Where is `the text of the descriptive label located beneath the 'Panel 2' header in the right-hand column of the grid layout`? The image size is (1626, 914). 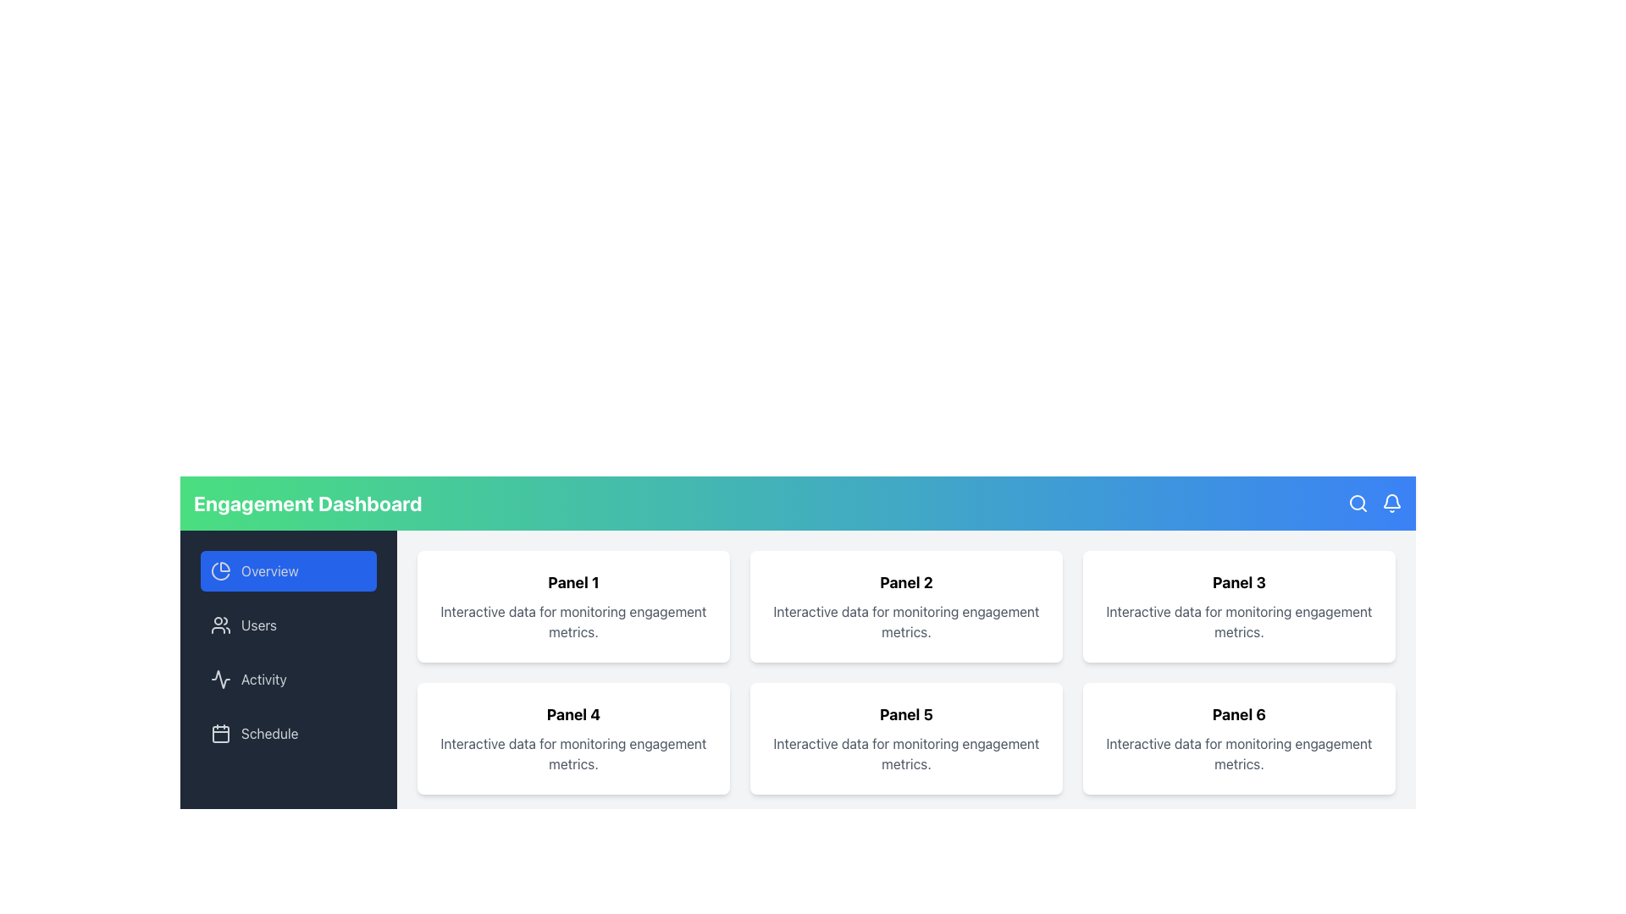 the text of the descriptive label located beneath the 'Panel 2' header in the right-hand column of the grid layout is located at coordinates (905, 622).